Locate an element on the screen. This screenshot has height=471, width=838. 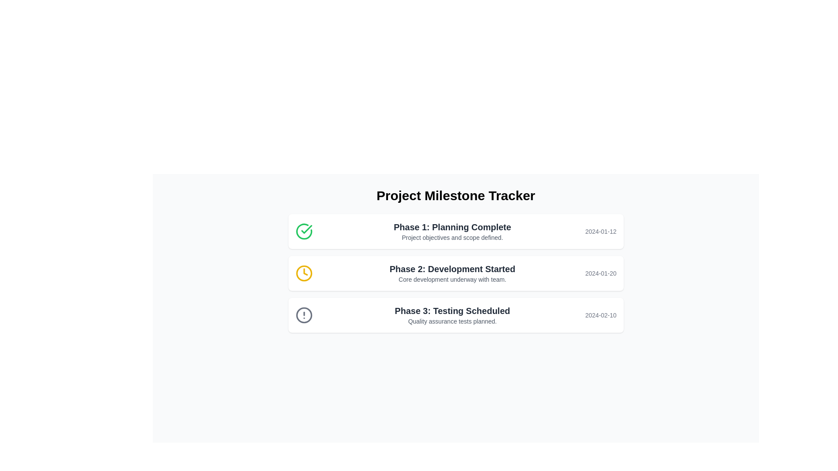
the warning icon with a gray outline and an exclamation mark in the center, located above the text 'Phase 3: Testing Scheduled' and to the left of 'Quality assurance tests planned.' is located at coordinates (304, 315).